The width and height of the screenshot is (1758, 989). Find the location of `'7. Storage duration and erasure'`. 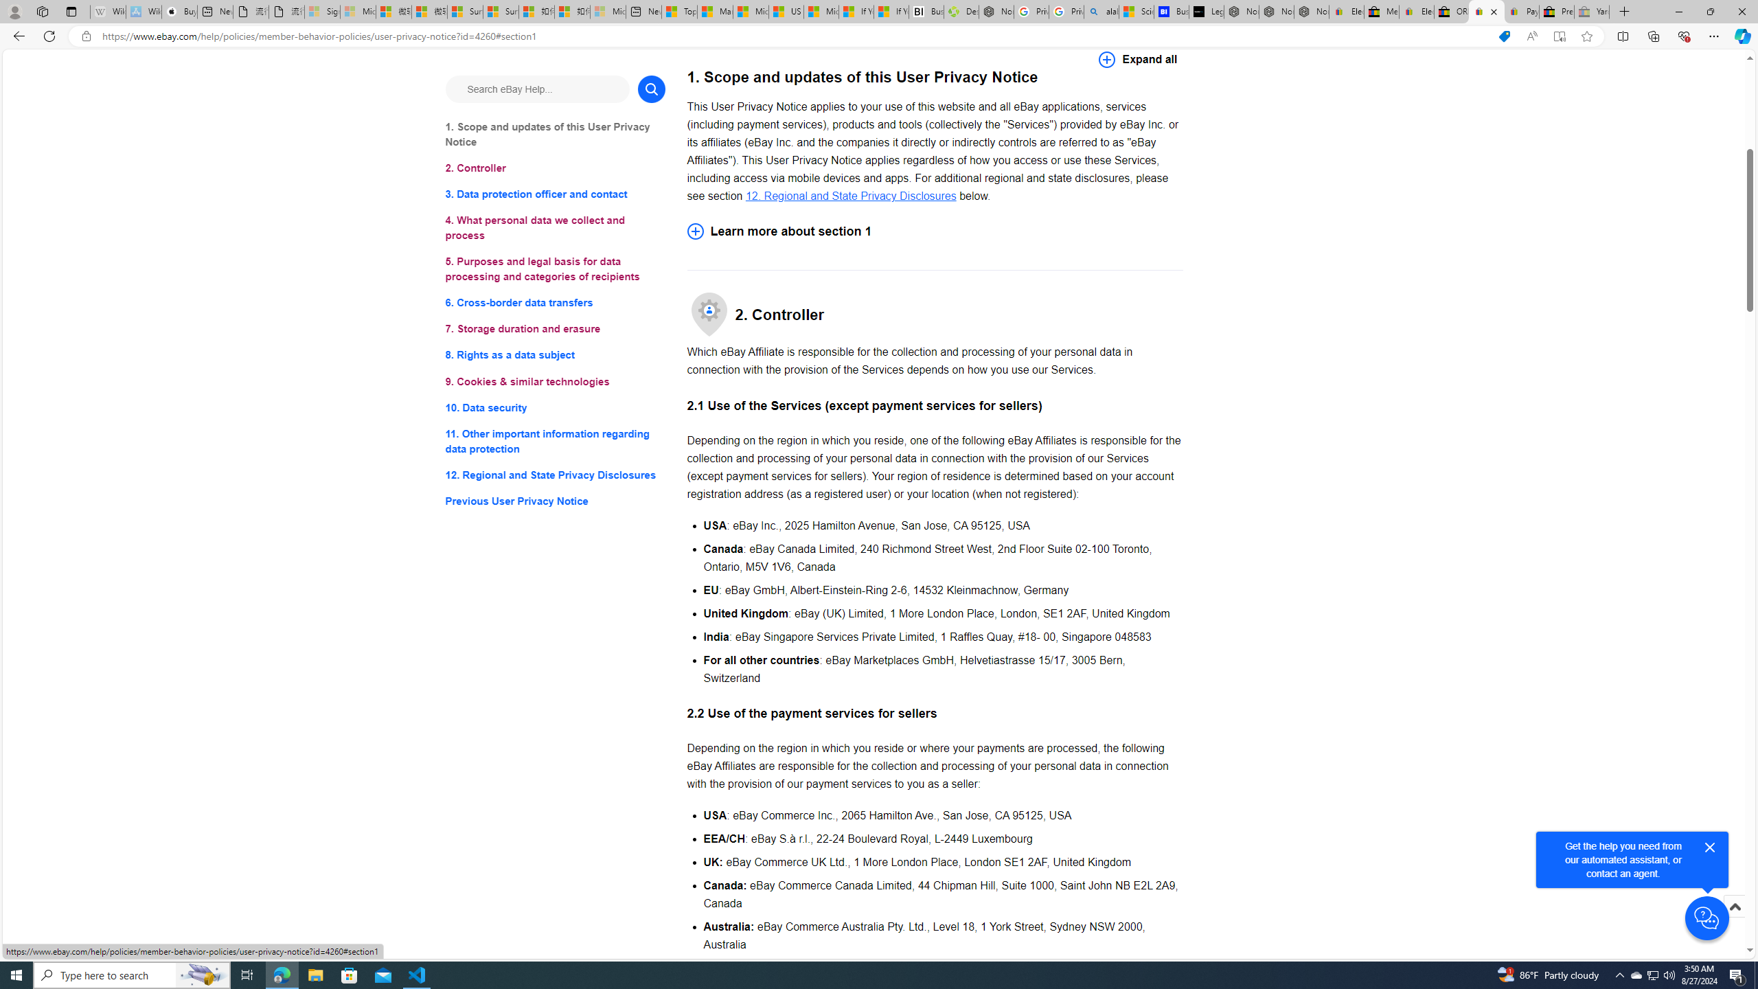

'7. Storage duration and erasure' is located at coordinates (554, 328).